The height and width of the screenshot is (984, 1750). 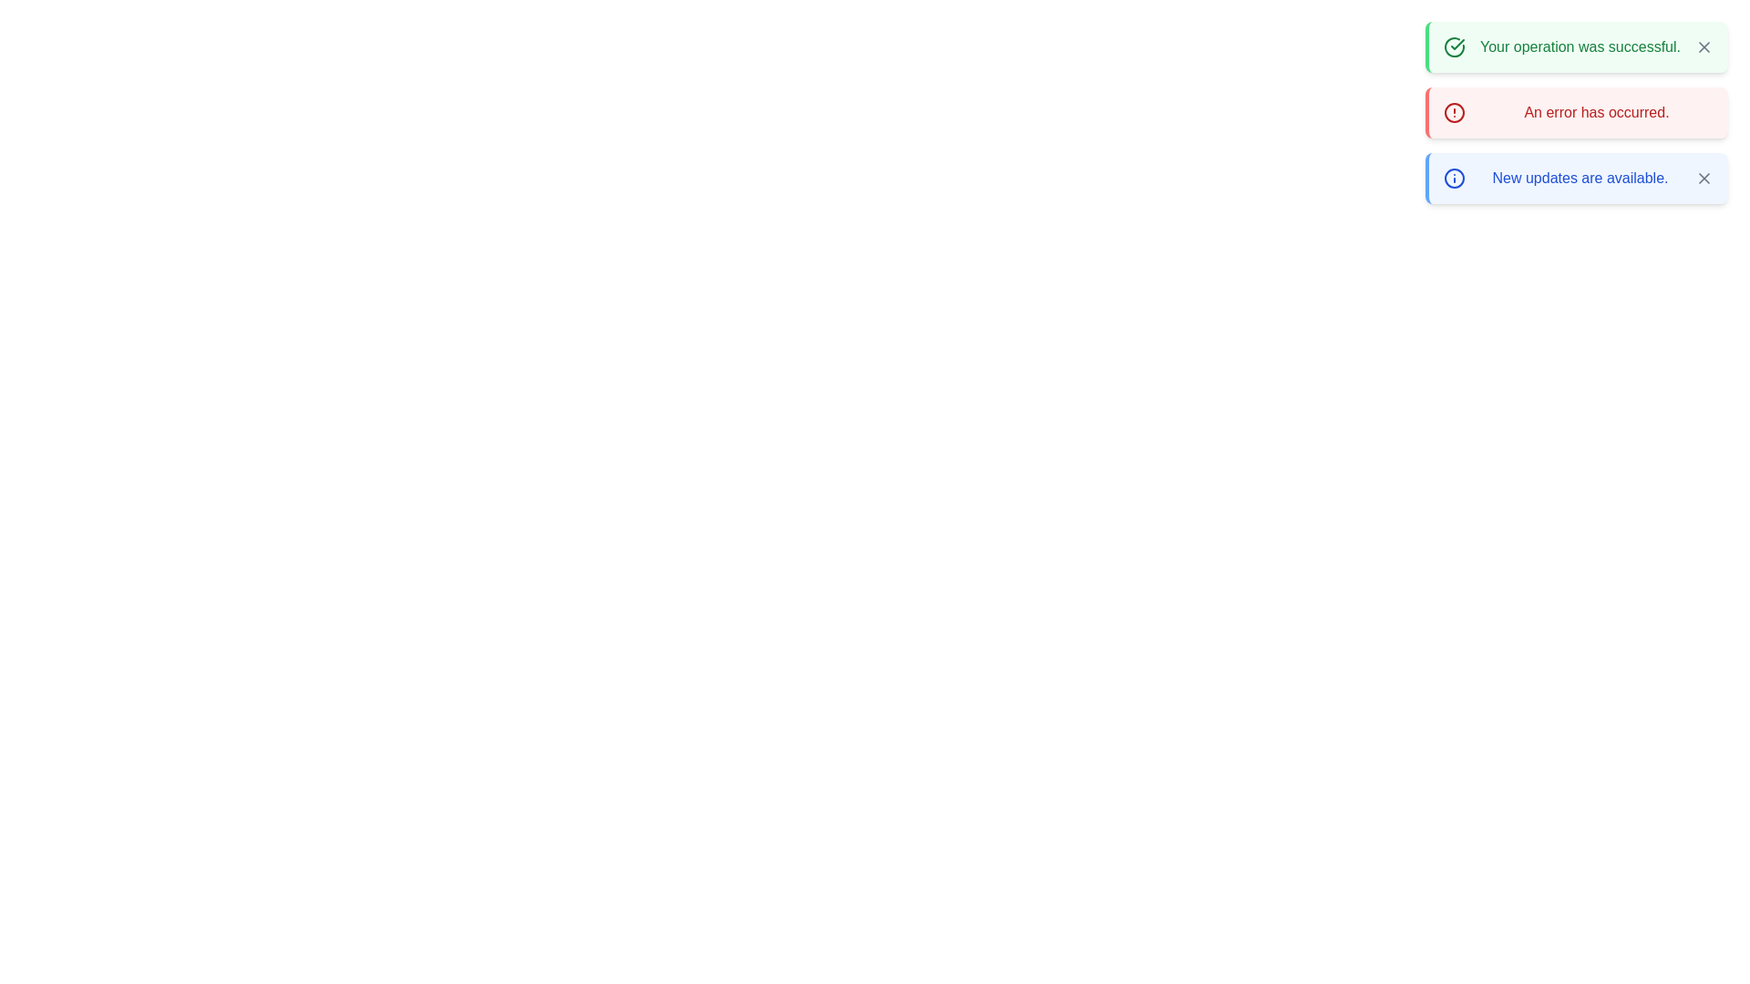 I want to click on the alert with the message 'An error has occurred.' to see the hover effect, so click(x=1575, y=112).